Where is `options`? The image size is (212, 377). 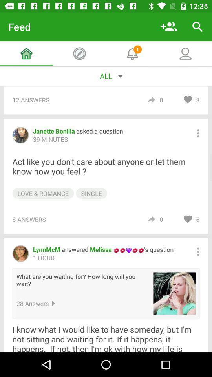
options is located at coordinates (197, 133).